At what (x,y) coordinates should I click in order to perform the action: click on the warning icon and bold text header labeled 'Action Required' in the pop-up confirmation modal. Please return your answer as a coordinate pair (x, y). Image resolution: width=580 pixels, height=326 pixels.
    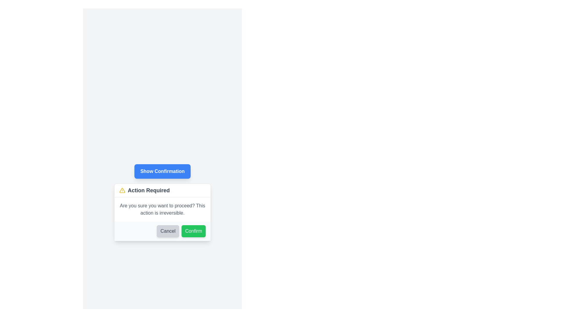
    Looking at the image, I should click on (162, 190).